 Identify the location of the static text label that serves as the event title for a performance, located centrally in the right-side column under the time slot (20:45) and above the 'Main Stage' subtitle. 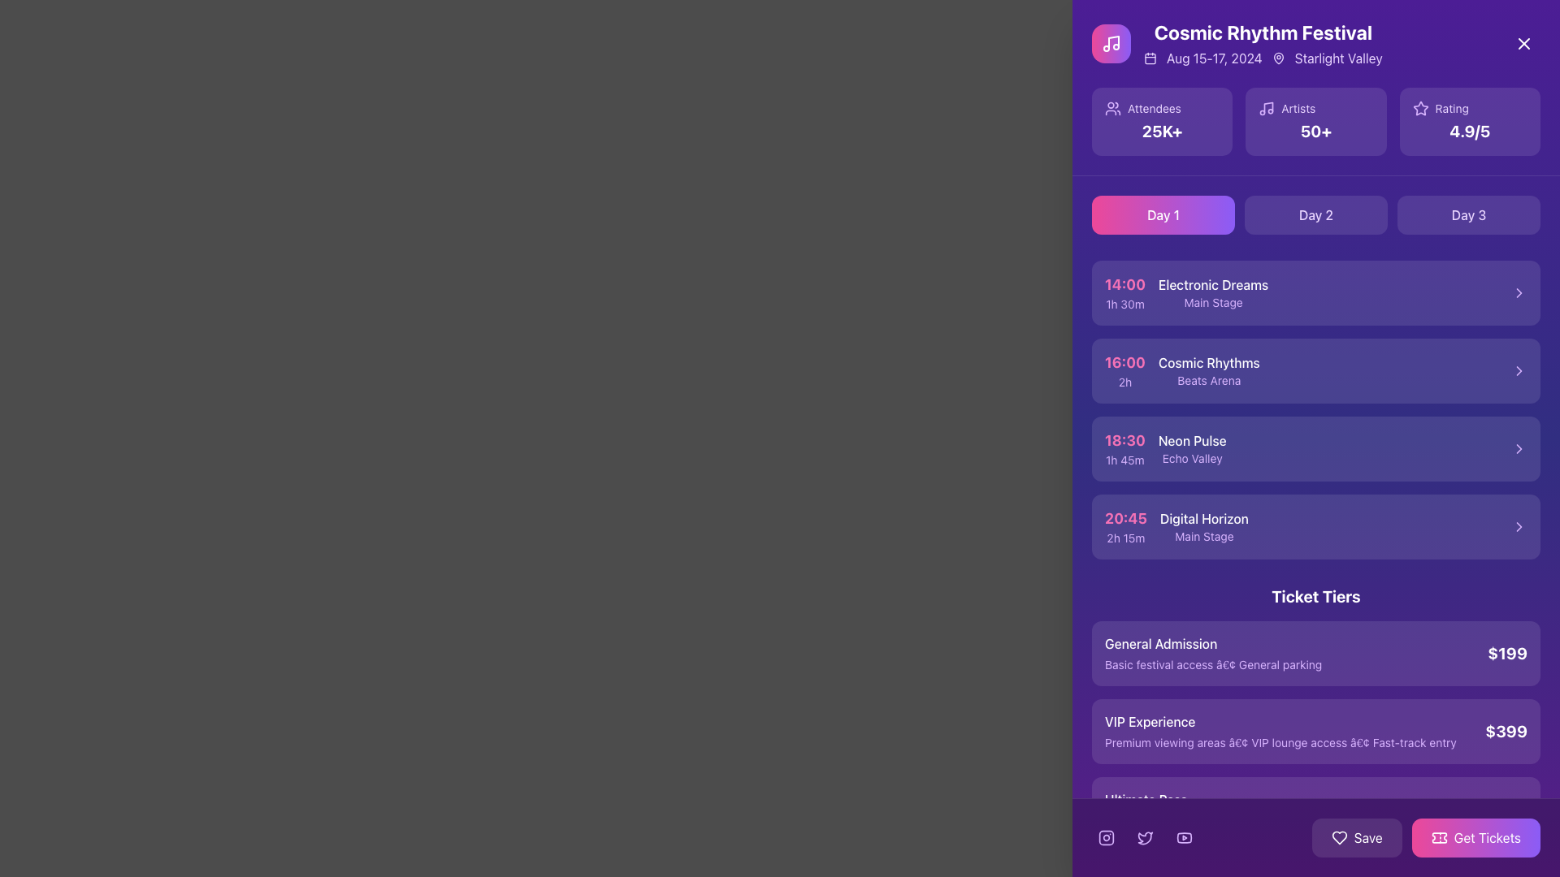
(1204, 519).